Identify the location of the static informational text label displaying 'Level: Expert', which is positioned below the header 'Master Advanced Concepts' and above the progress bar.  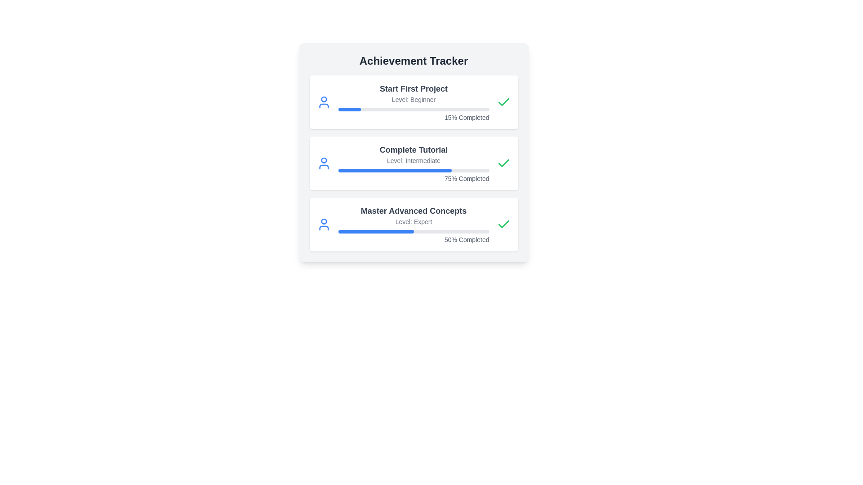
(413, 221).